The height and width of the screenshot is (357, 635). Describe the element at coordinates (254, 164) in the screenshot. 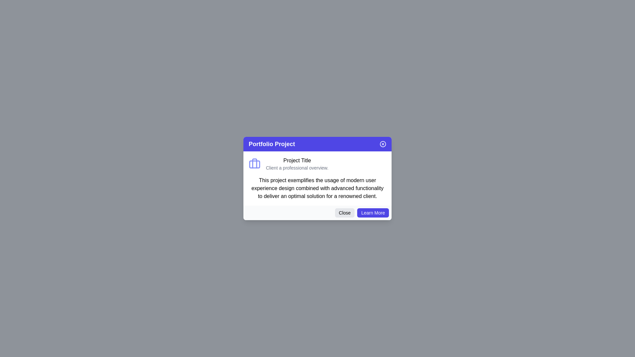

I see `the rectangular shape located inside the briefcase icon, specifically at the bottom of the briefcase structure, which serves as the main compartment or handle area` at that location.